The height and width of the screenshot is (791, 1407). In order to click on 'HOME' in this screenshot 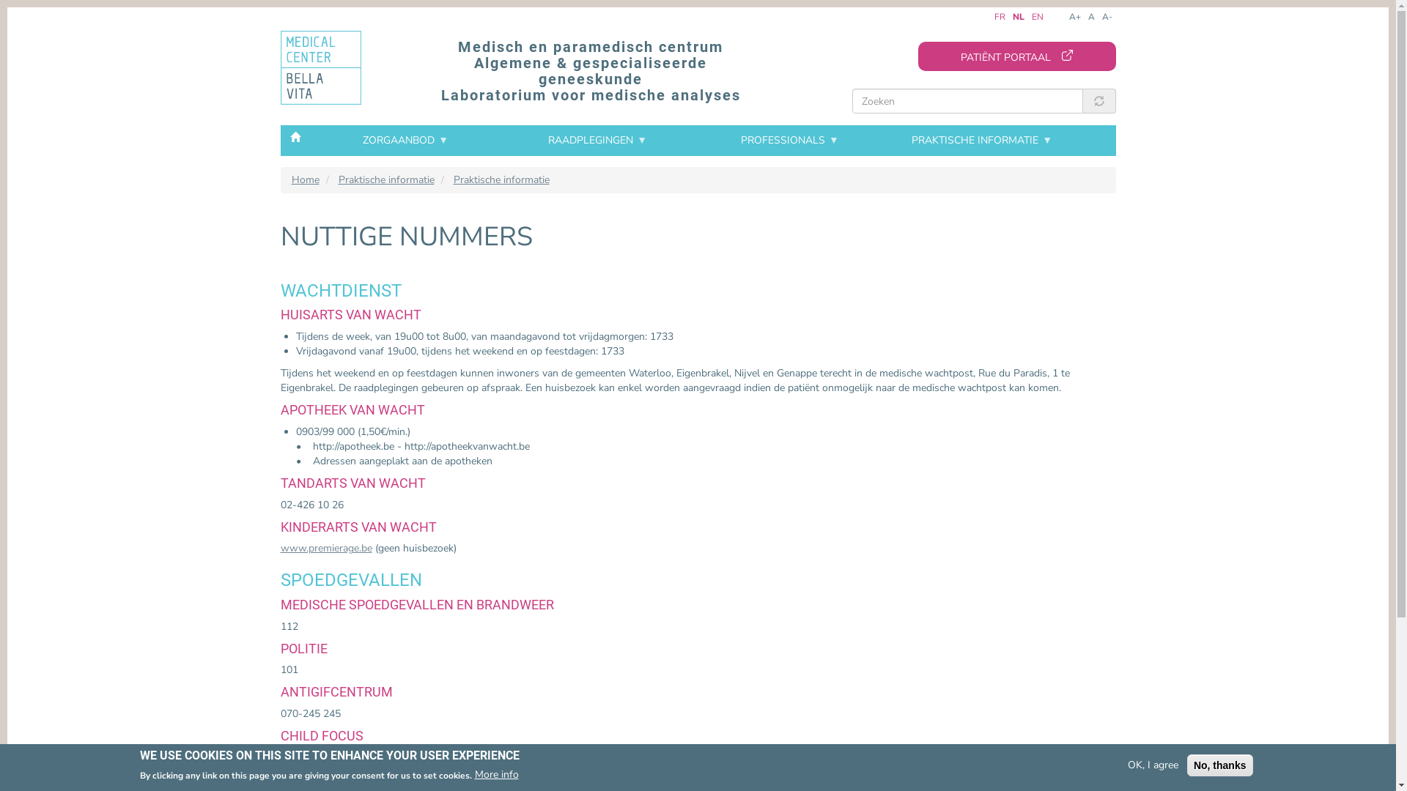, I will do `click(294, 135)`.